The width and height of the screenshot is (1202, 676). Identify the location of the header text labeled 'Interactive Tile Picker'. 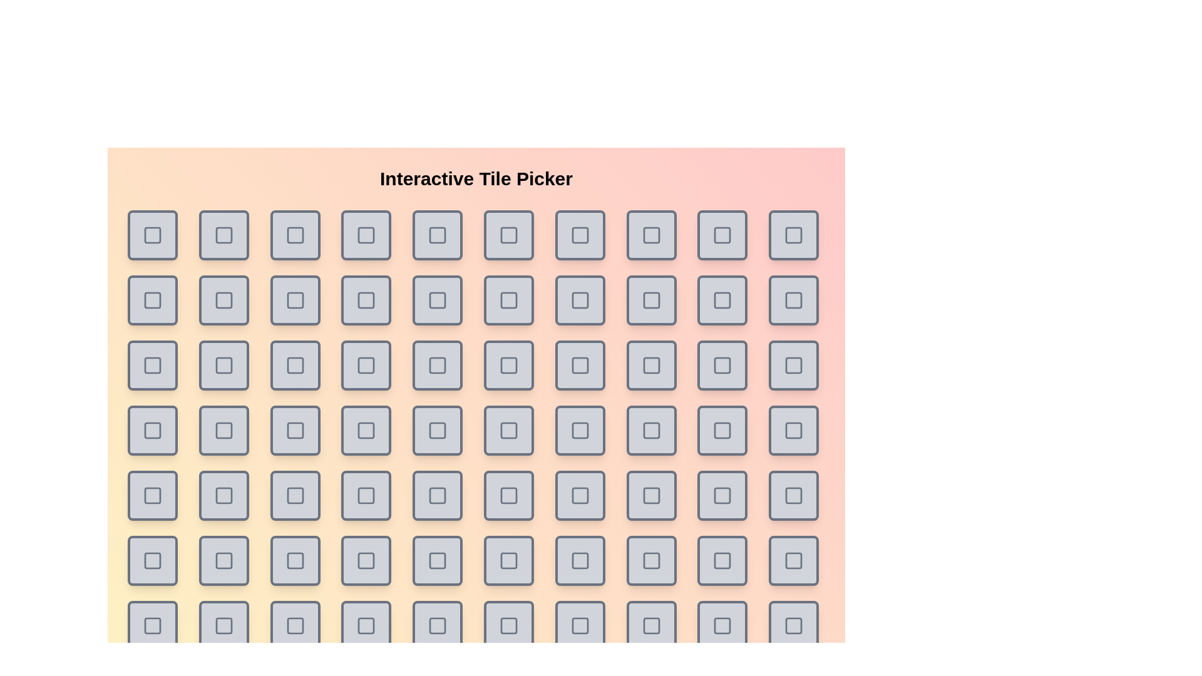
(476, 178).